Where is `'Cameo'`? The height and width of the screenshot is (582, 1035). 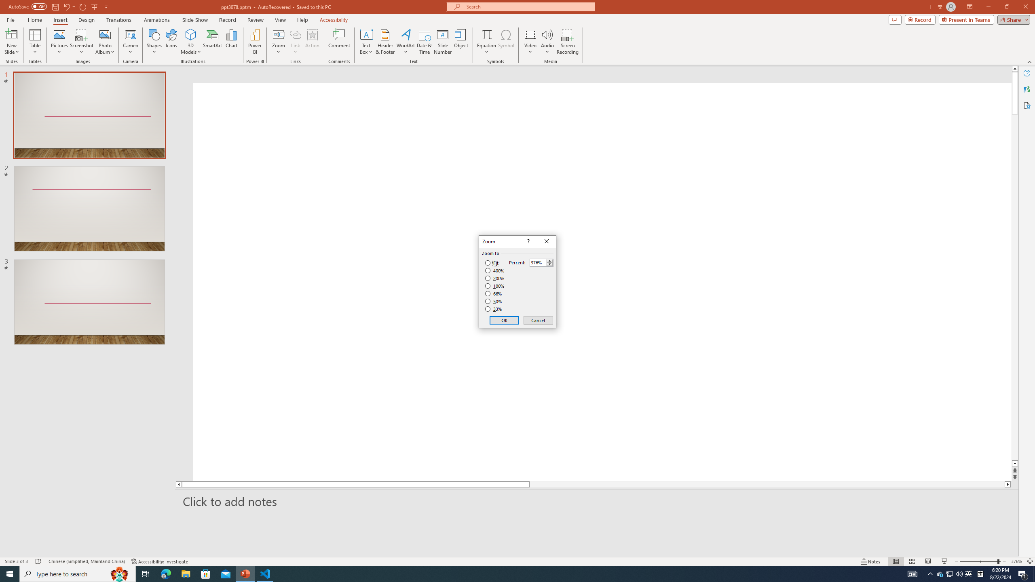 'Cameo' is located at coordinates (130, 34).